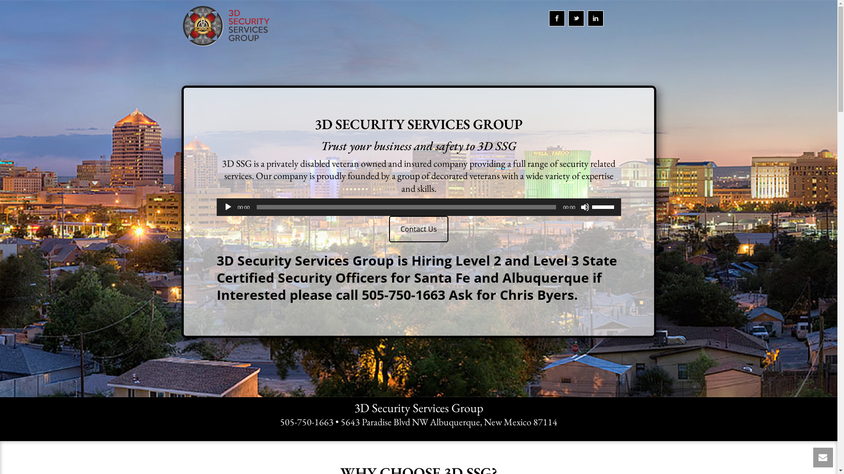 The width and height of the screenshot is (844, 474). What do you see at coordinates (228, 207) in the screenshot?
I see `'Play'` at bounding box center [228, 207].